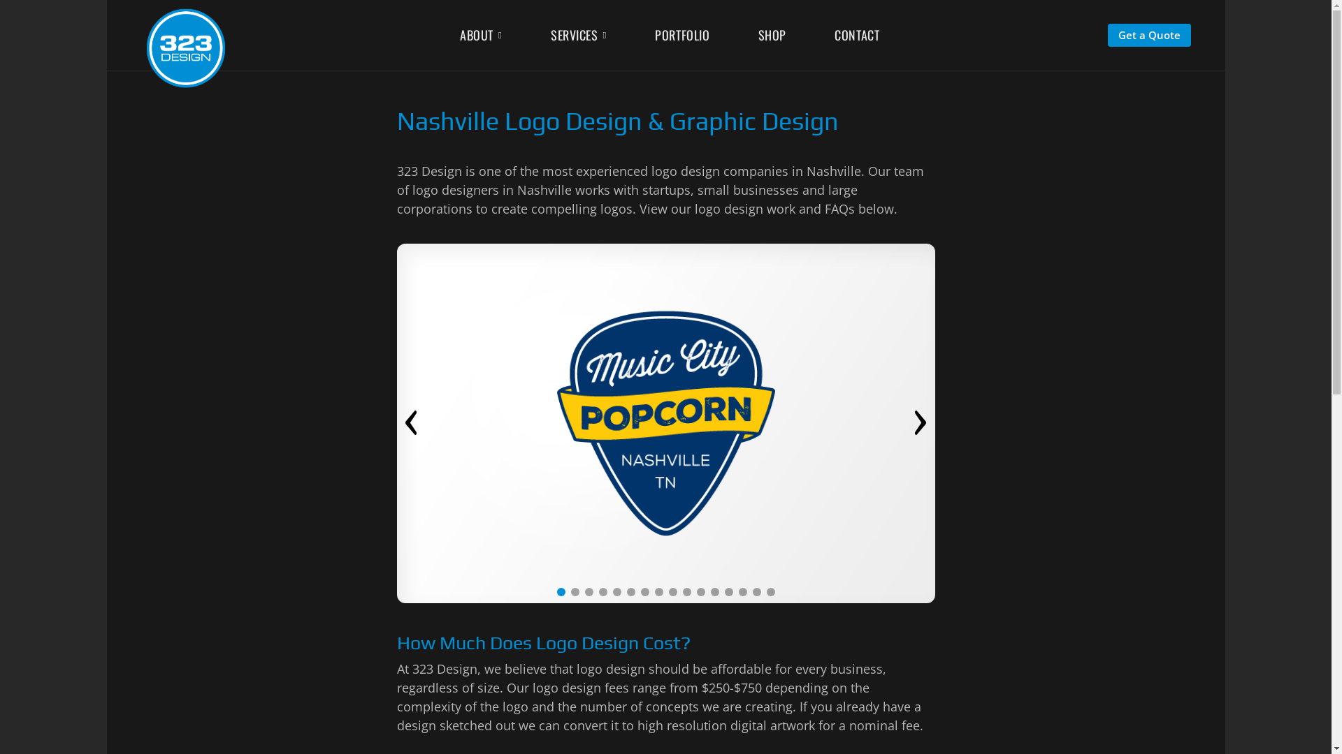 Image resolution: width=1342 pixels, height=754 pixels. I want to click on 'Get a Quote', so click(1149, 34).